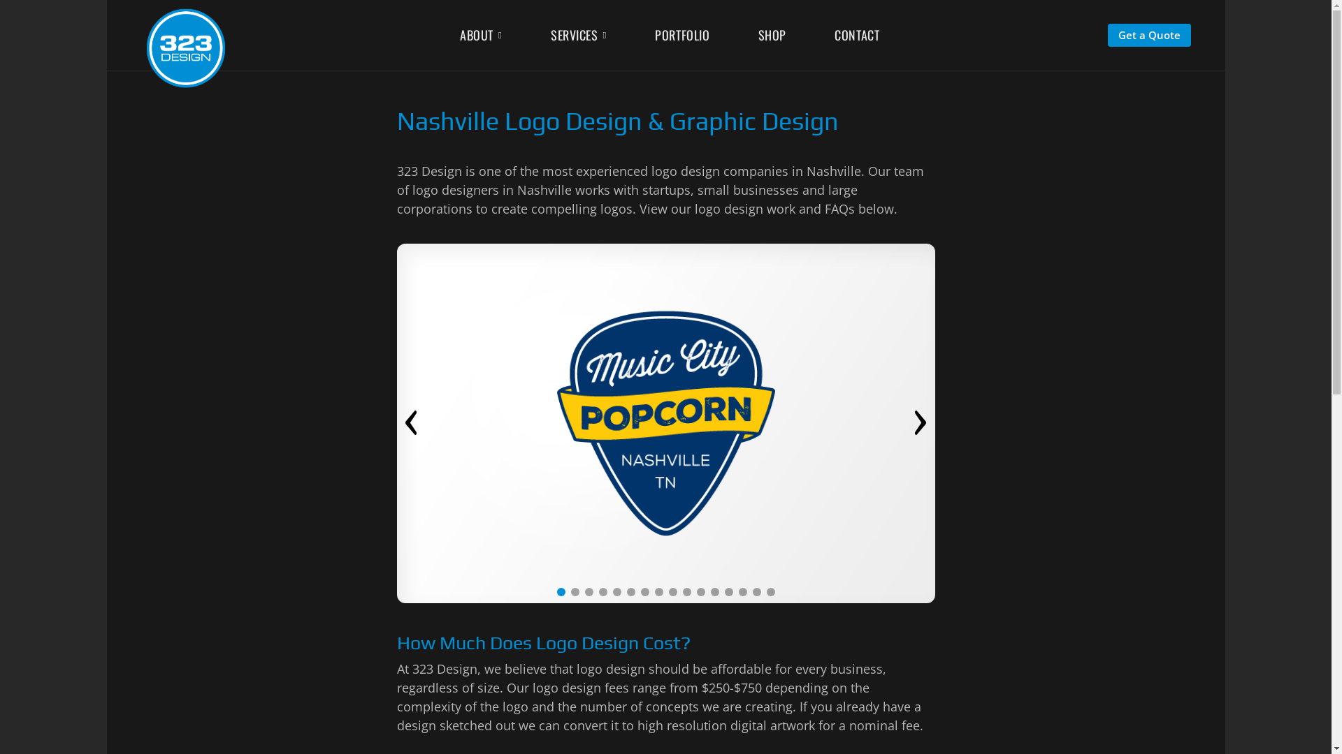 Image resolution: width=1342 pixels, height=754 pixels. I want to click on 'Get a Quote', so click(1149, 34).